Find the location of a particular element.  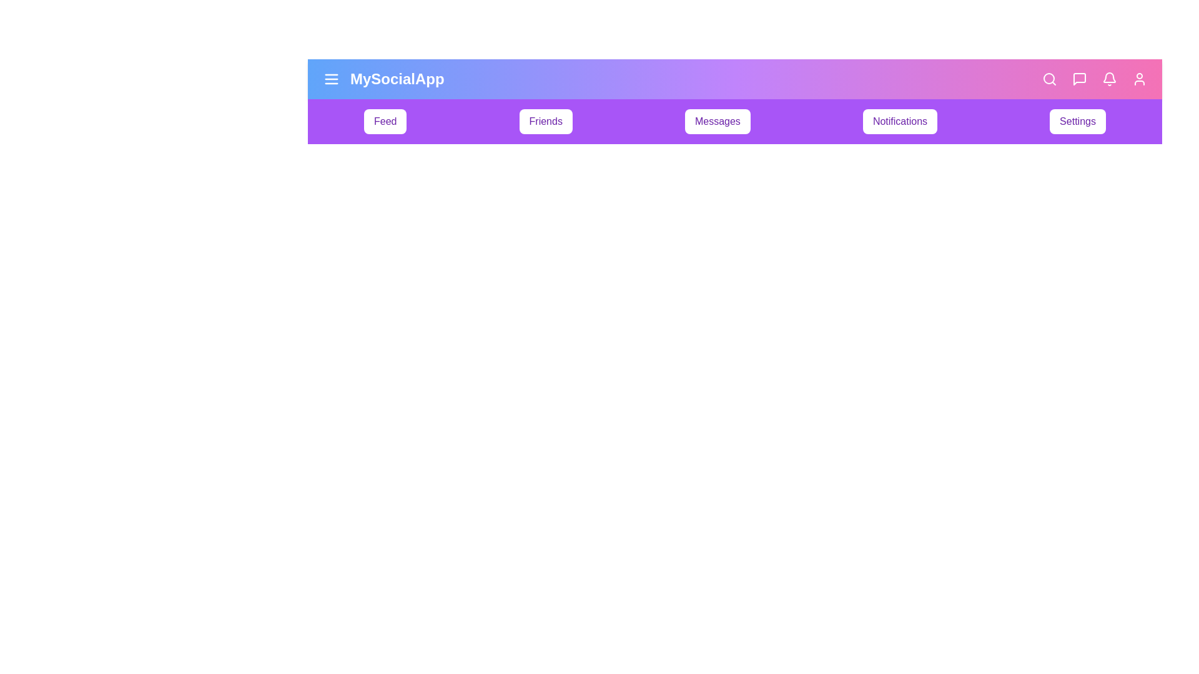

the user_profile navigation icon is located at coordinates (1139, 79).